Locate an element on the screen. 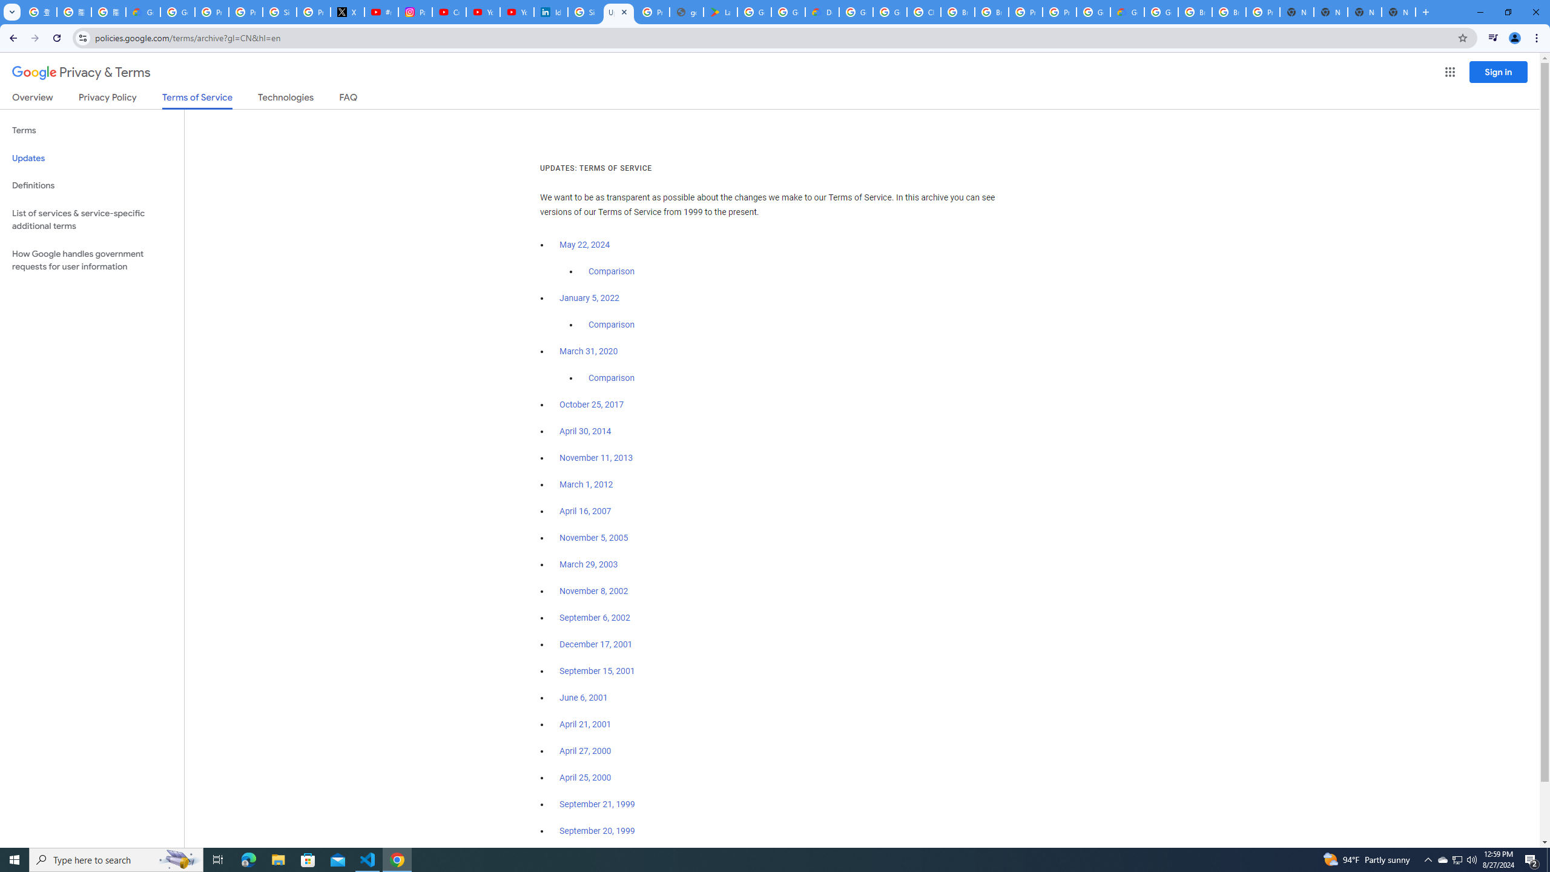  'January 5, 2022' is located at coordinates (590, 299).